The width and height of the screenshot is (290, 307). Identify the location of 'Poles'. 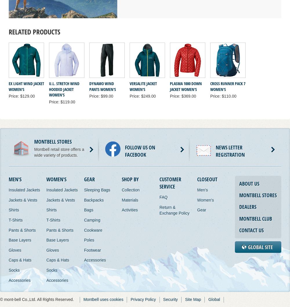
(89, 240).